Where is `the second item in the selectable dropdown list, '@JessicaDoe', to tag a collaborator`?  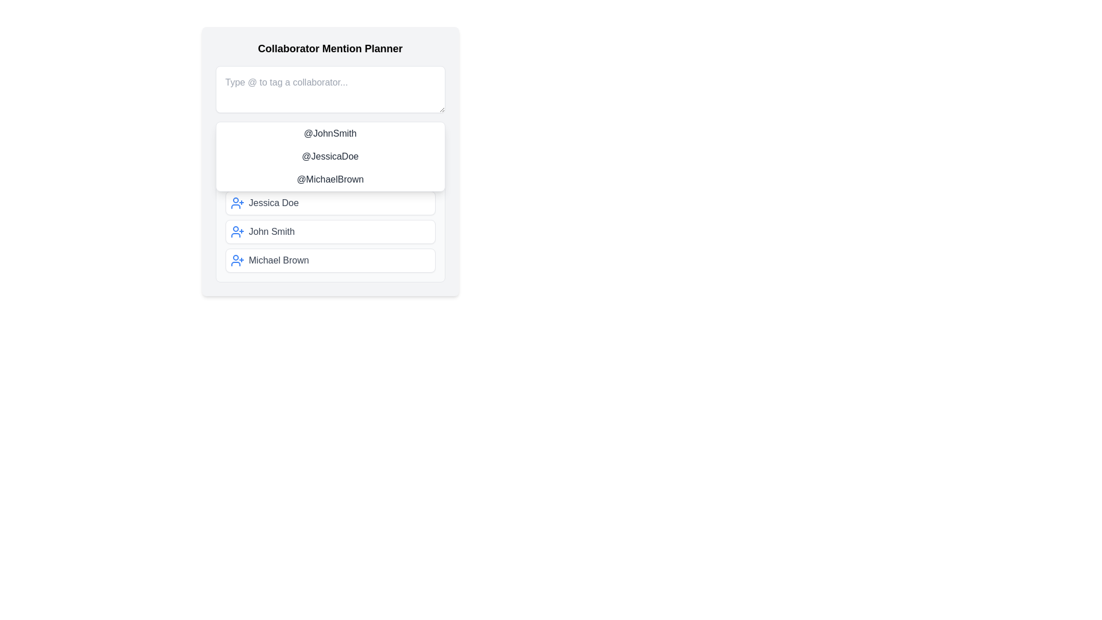
the second item in the selectable dropdown list, '@JessicaDoe', to tag a collaborator is located at coordinates (329, 157).